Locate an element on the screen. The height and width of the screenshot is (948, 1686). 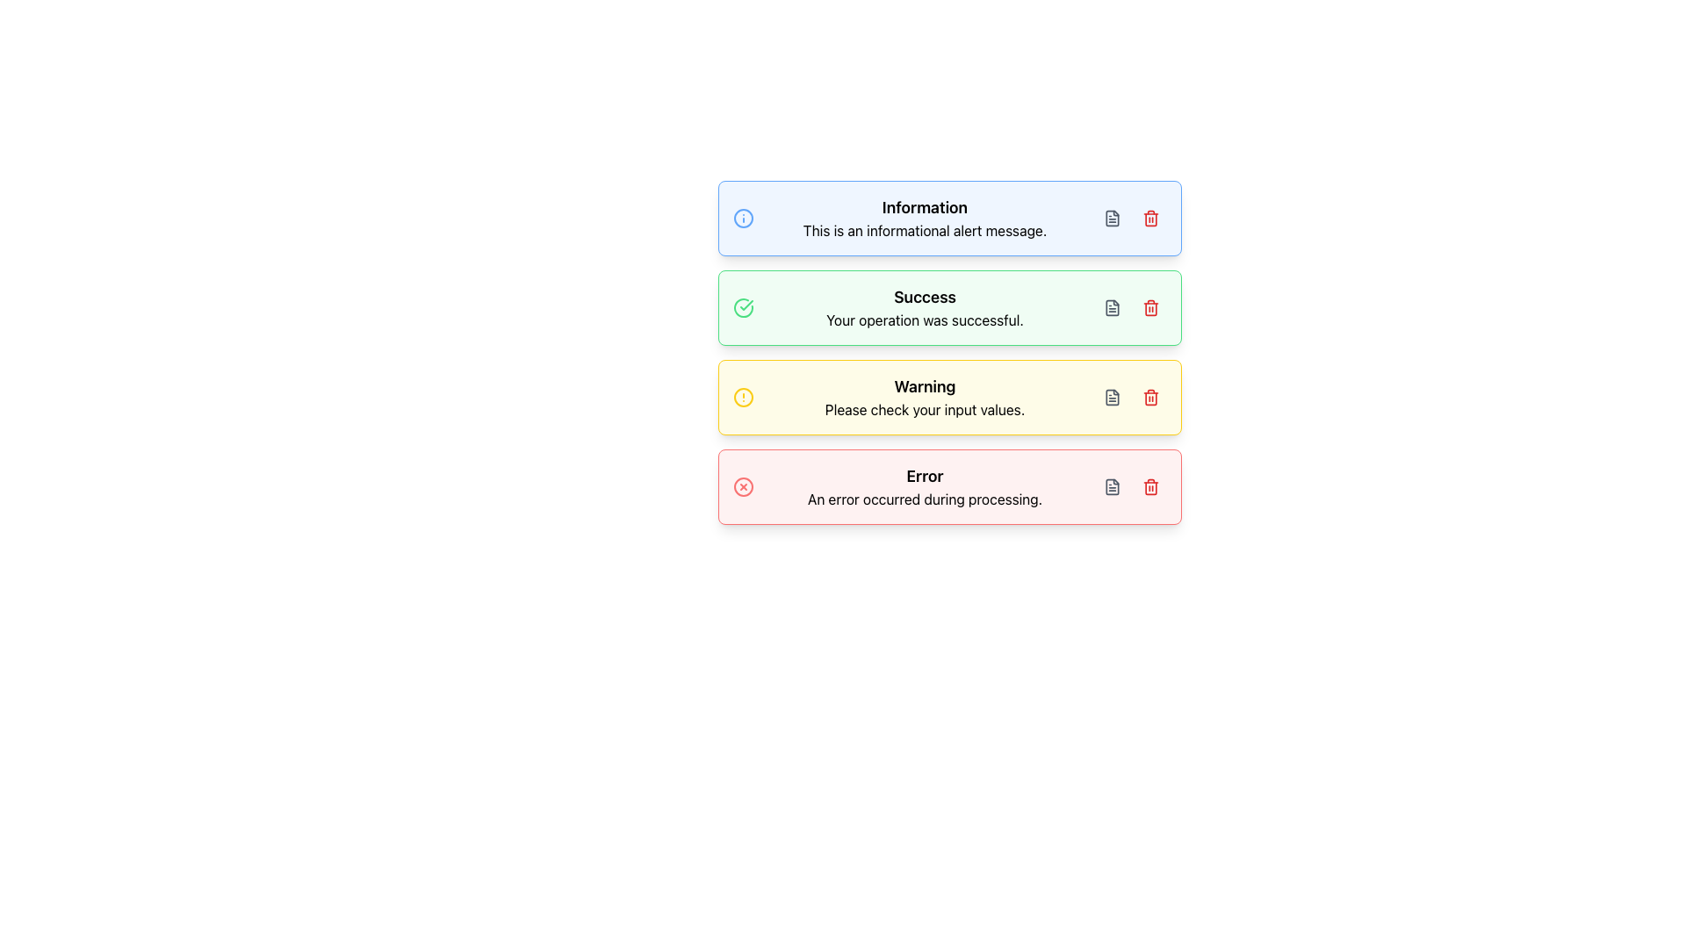
warning message from the alert box with a yellow background and red border, containing the title 'Warning' and message 'Please check your input values.' is located at coordinates (948, 397).